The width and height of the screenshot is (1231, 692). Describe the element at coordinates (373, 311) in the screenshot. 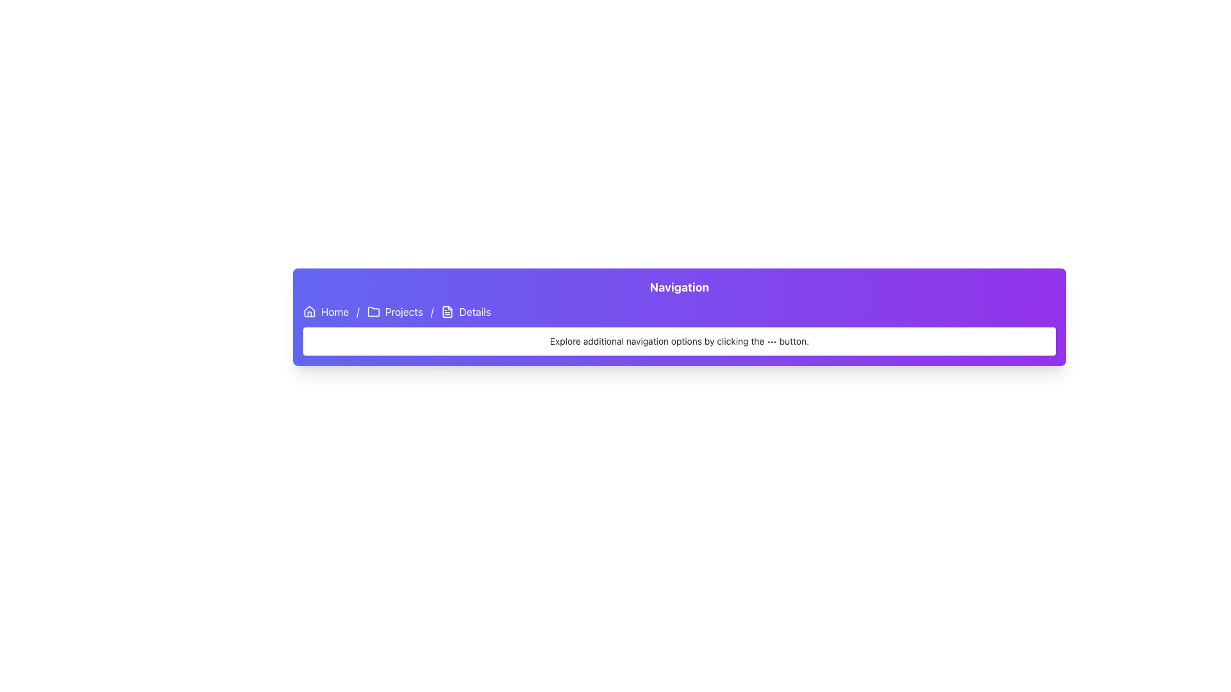

I see `the folder icon adjacent to the text 'Projects' in the navigation bar` at that location.